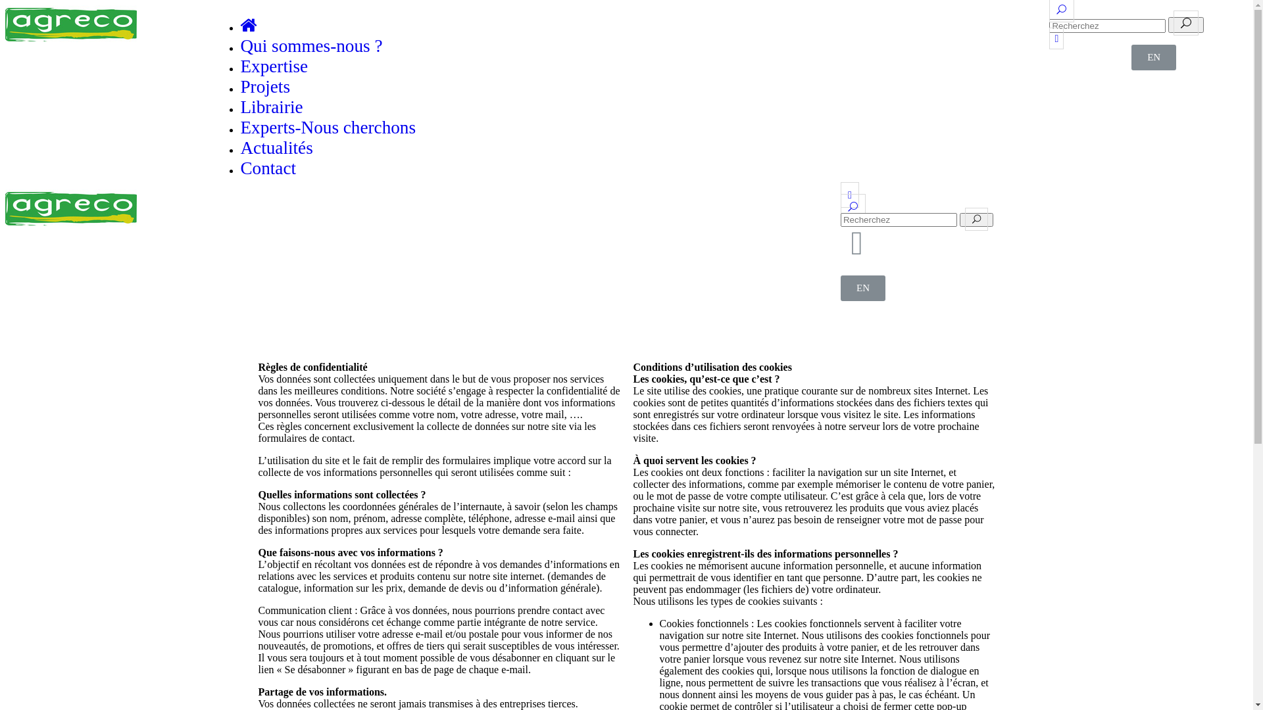  Describe the element at coordinates (239, 167) in the screenshot. I see `'Contact'` at that location.